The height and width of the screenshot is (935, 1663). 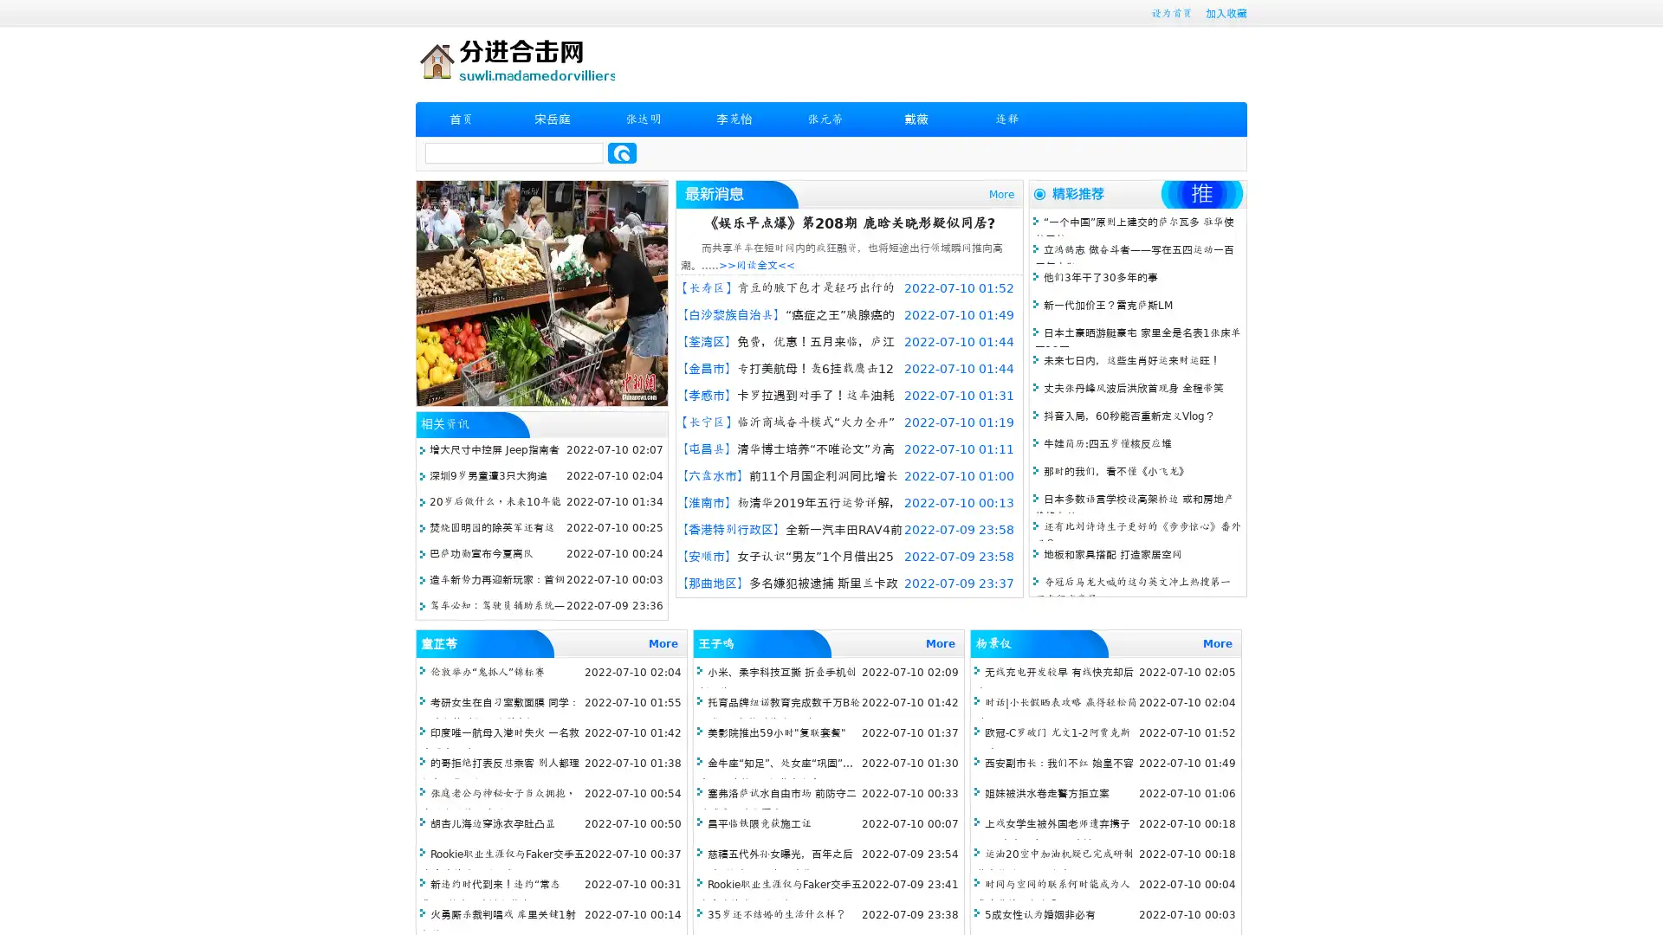 What do you see at coordinates (622, 152) in the screenshot?
I see `Search` at bounding box center [622, 152].